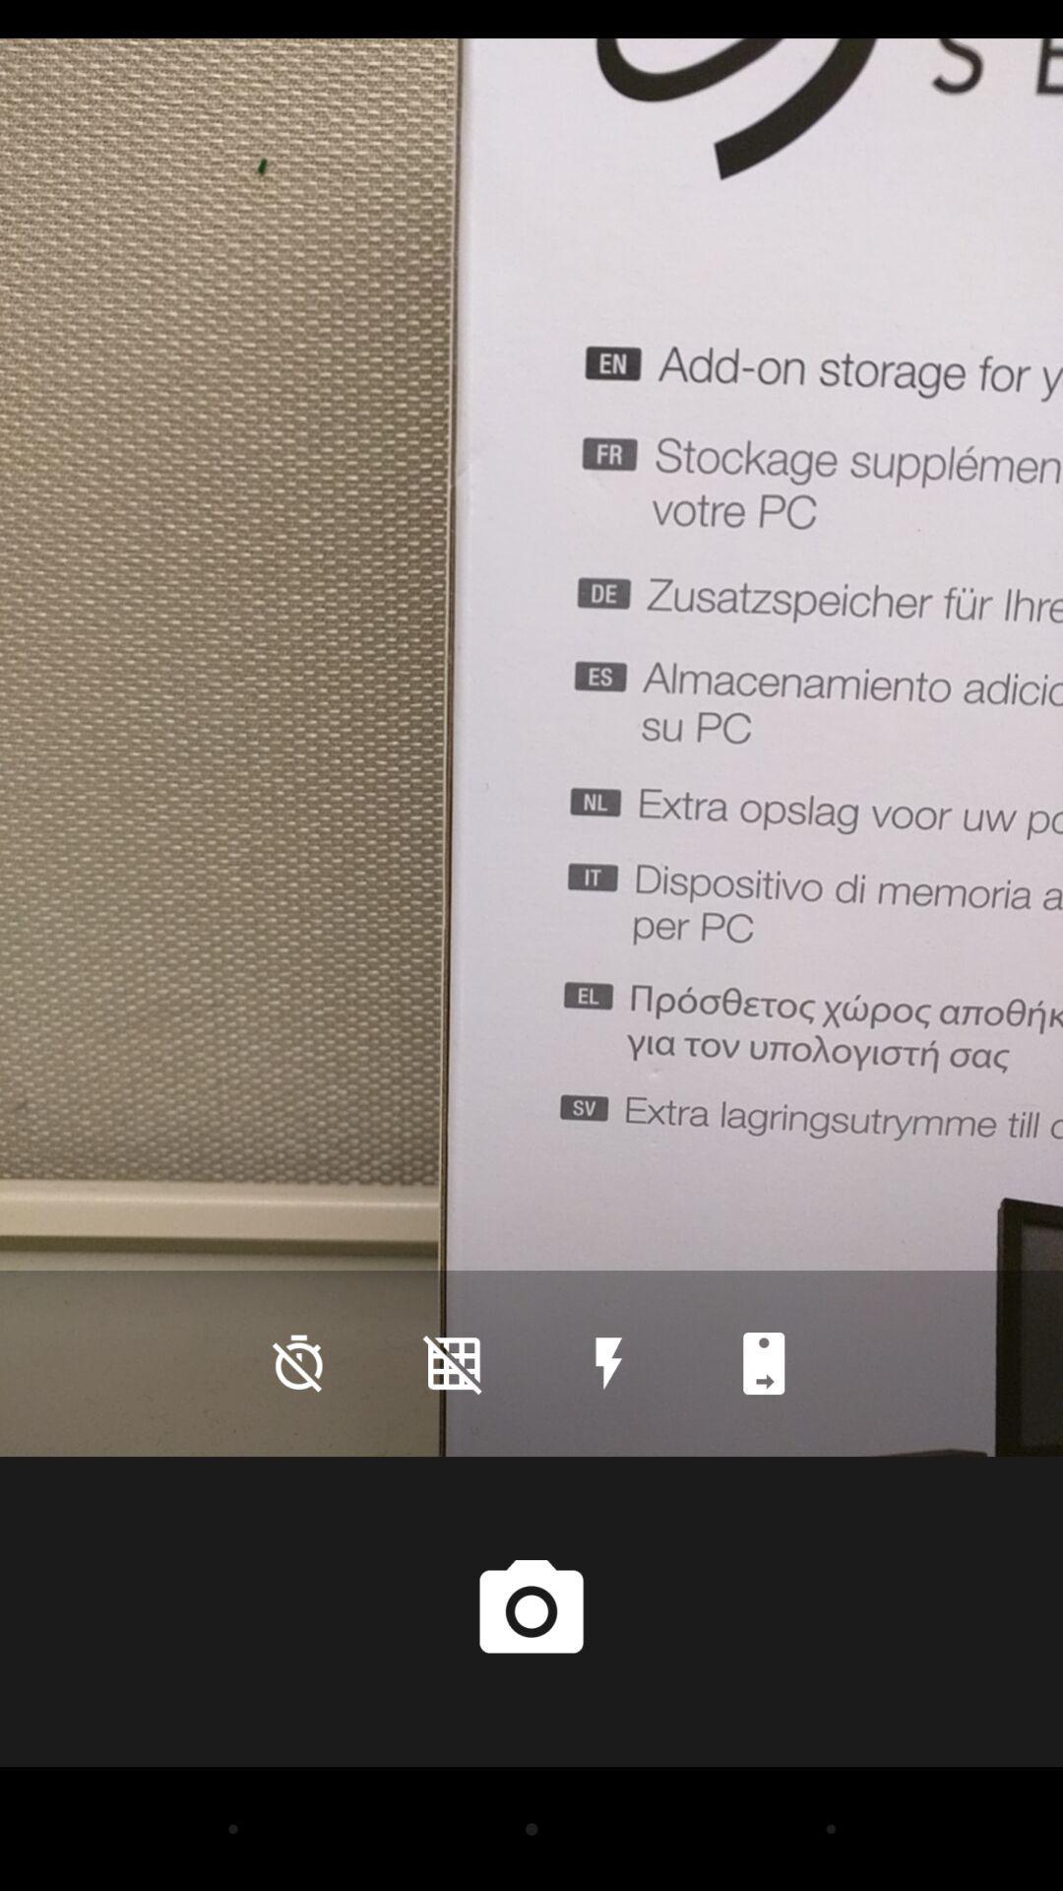 The width and height of the screenshot is (1063, 1891). Describe the element at coordinates (298, 1362) in the screenshot. I see `the time icon` at that location.